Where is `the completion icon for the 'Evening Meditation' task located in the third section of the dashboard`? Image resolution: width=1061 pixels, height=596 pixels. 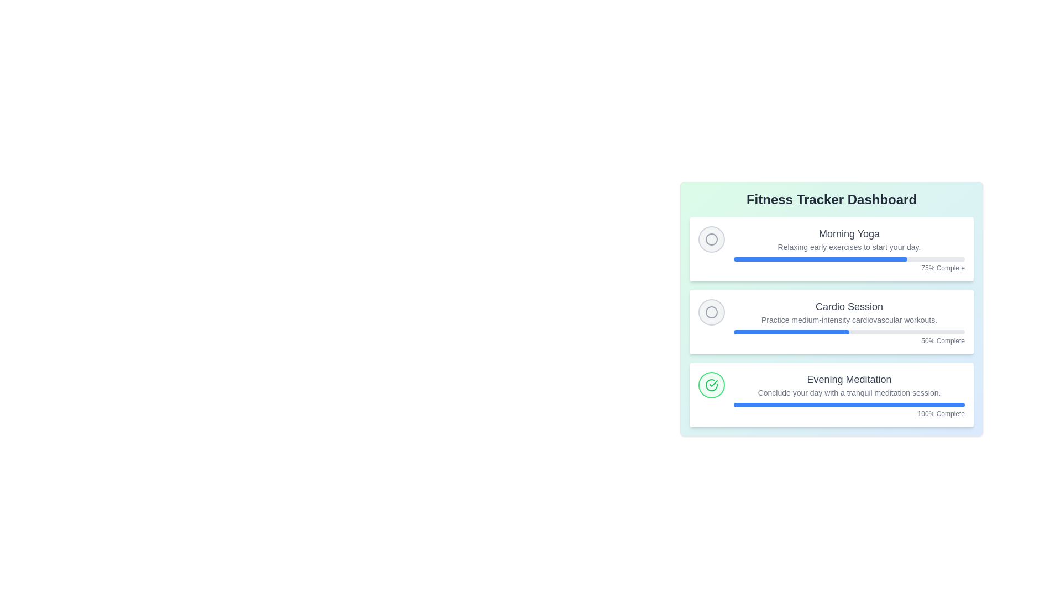 the completion icon for the 'Evening Meditation' task located in the third section of the dashboard is located at coordinates (711, 385).